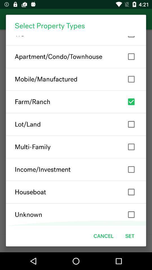  I want to click on the item above the multi-family item, so click(76, 124).